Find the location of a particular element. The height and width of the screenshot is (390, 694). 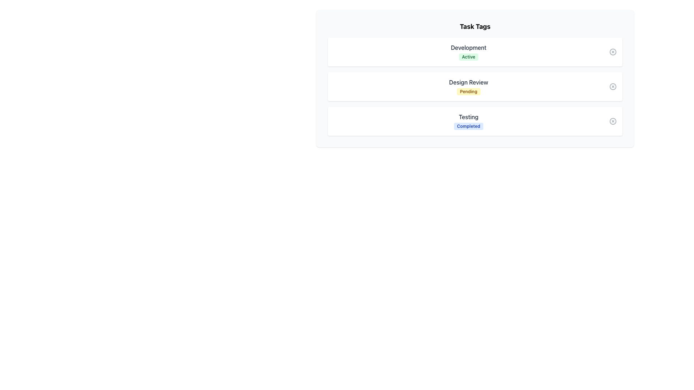

the decorative Circle (SVG graphic) that is part of the iconography for the 'Development' task, located to the far-right of the task row, aligned horizontally with the green 'Active' status label is located at coordinates (612, 51).